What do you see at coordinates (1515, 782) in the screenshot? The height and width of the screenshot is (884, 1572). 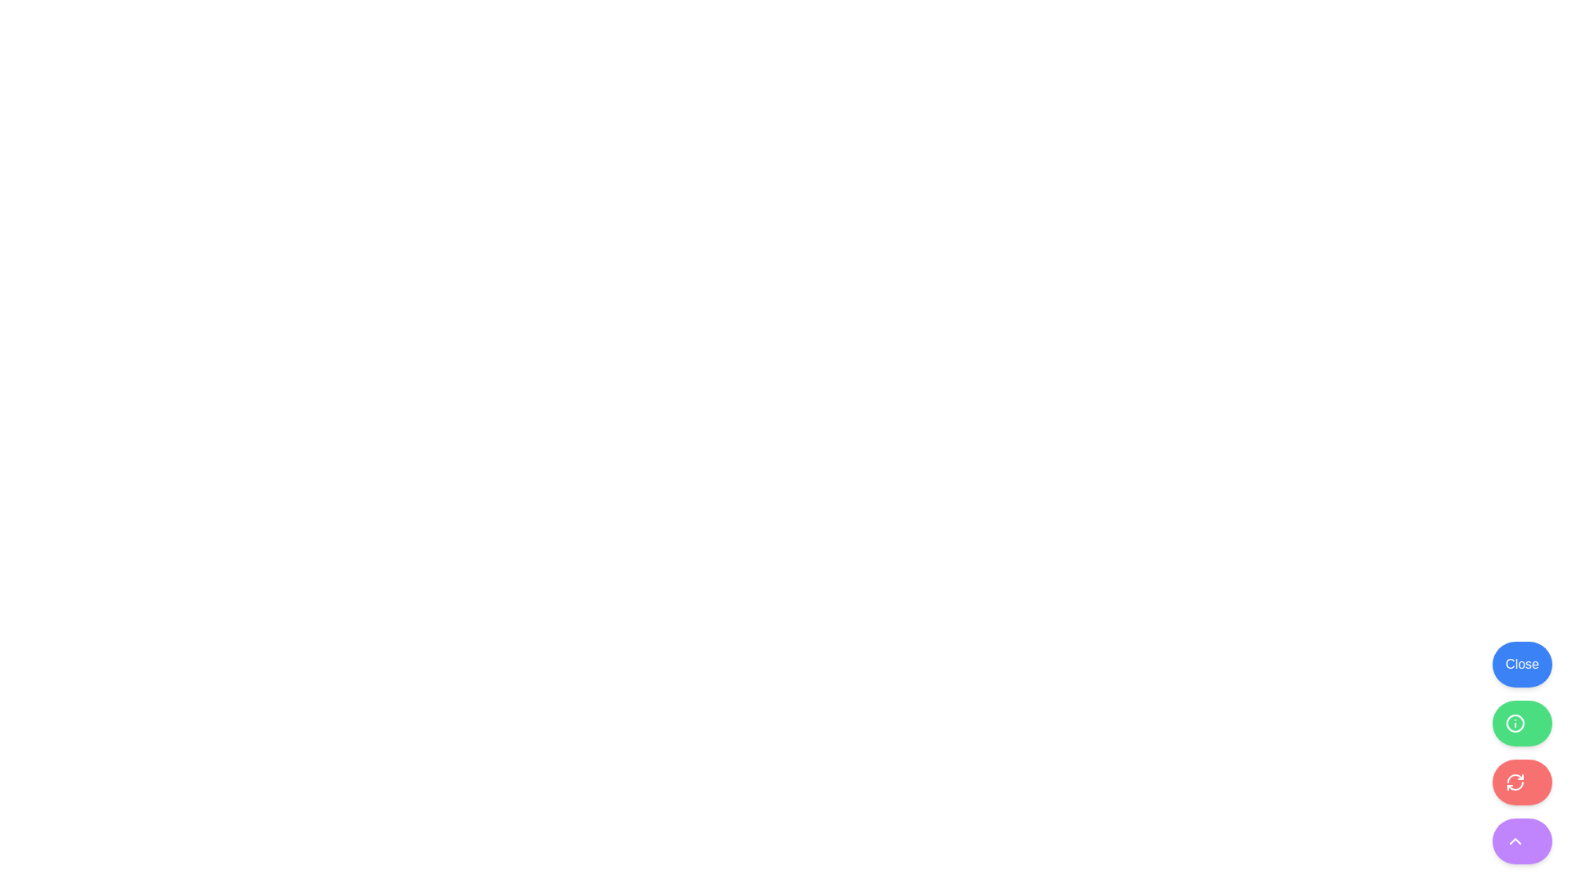 I see `the refresh button with a red background and two circular arrows located in the bottom-right corner of the interface` at bounding box center [1515, 782].